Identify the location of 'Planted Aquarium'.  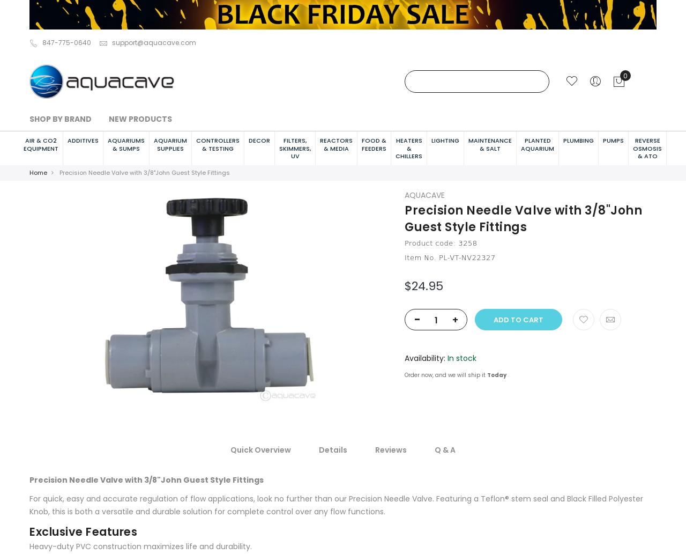
(538, 143).